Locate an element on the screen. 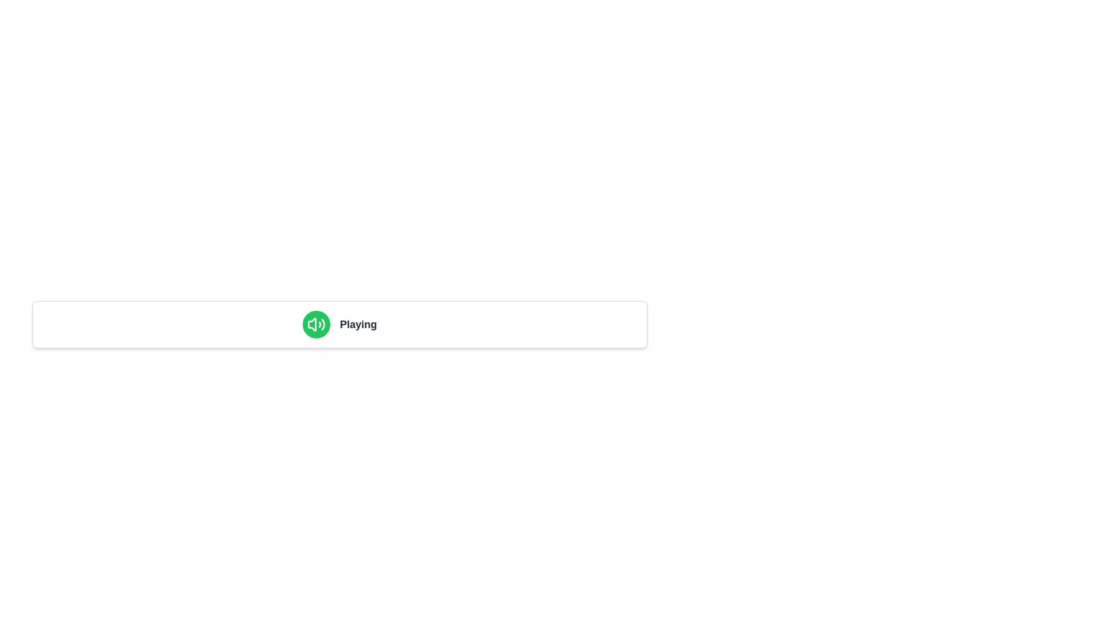 This screenshot has height=625, width=1111. the white speaker icon with curved sound waves located centrally within the green circular button is located at coordinates (317, 324).